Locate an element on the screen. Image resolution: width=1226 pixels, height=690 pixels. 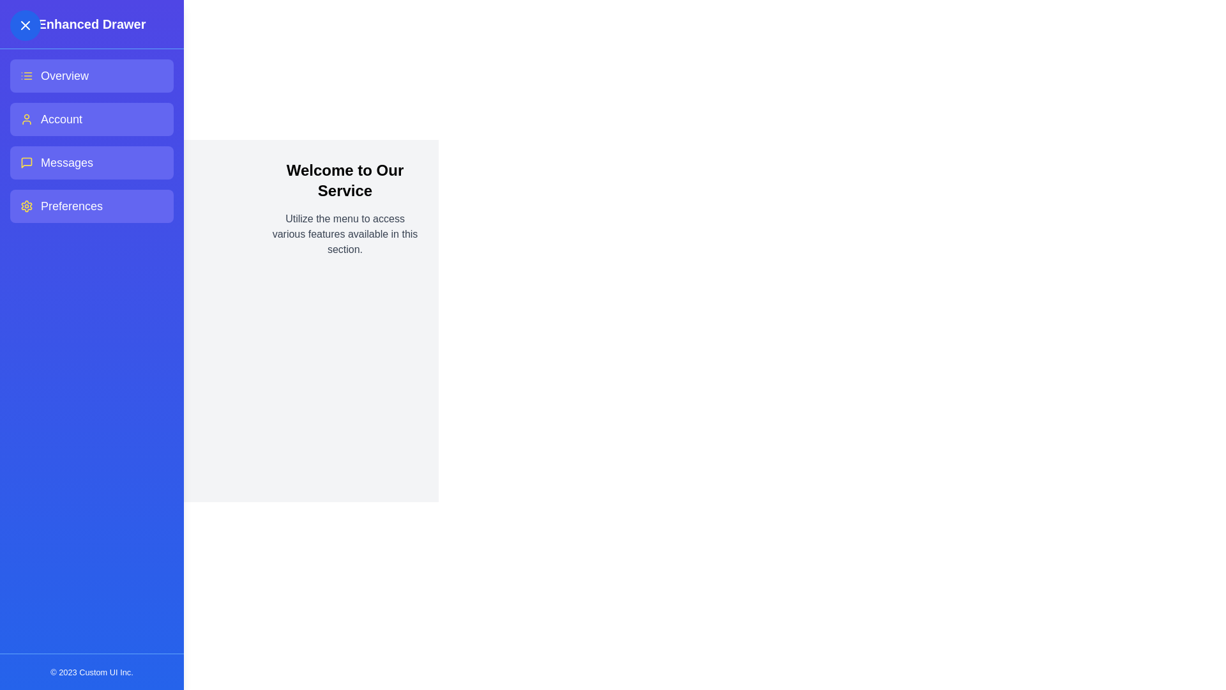
the visual indicator icon for the 'Preferences' option located in the sidebar navigation panel to associate it with the 'Preferences' feature is located at coordinates (27, 206).